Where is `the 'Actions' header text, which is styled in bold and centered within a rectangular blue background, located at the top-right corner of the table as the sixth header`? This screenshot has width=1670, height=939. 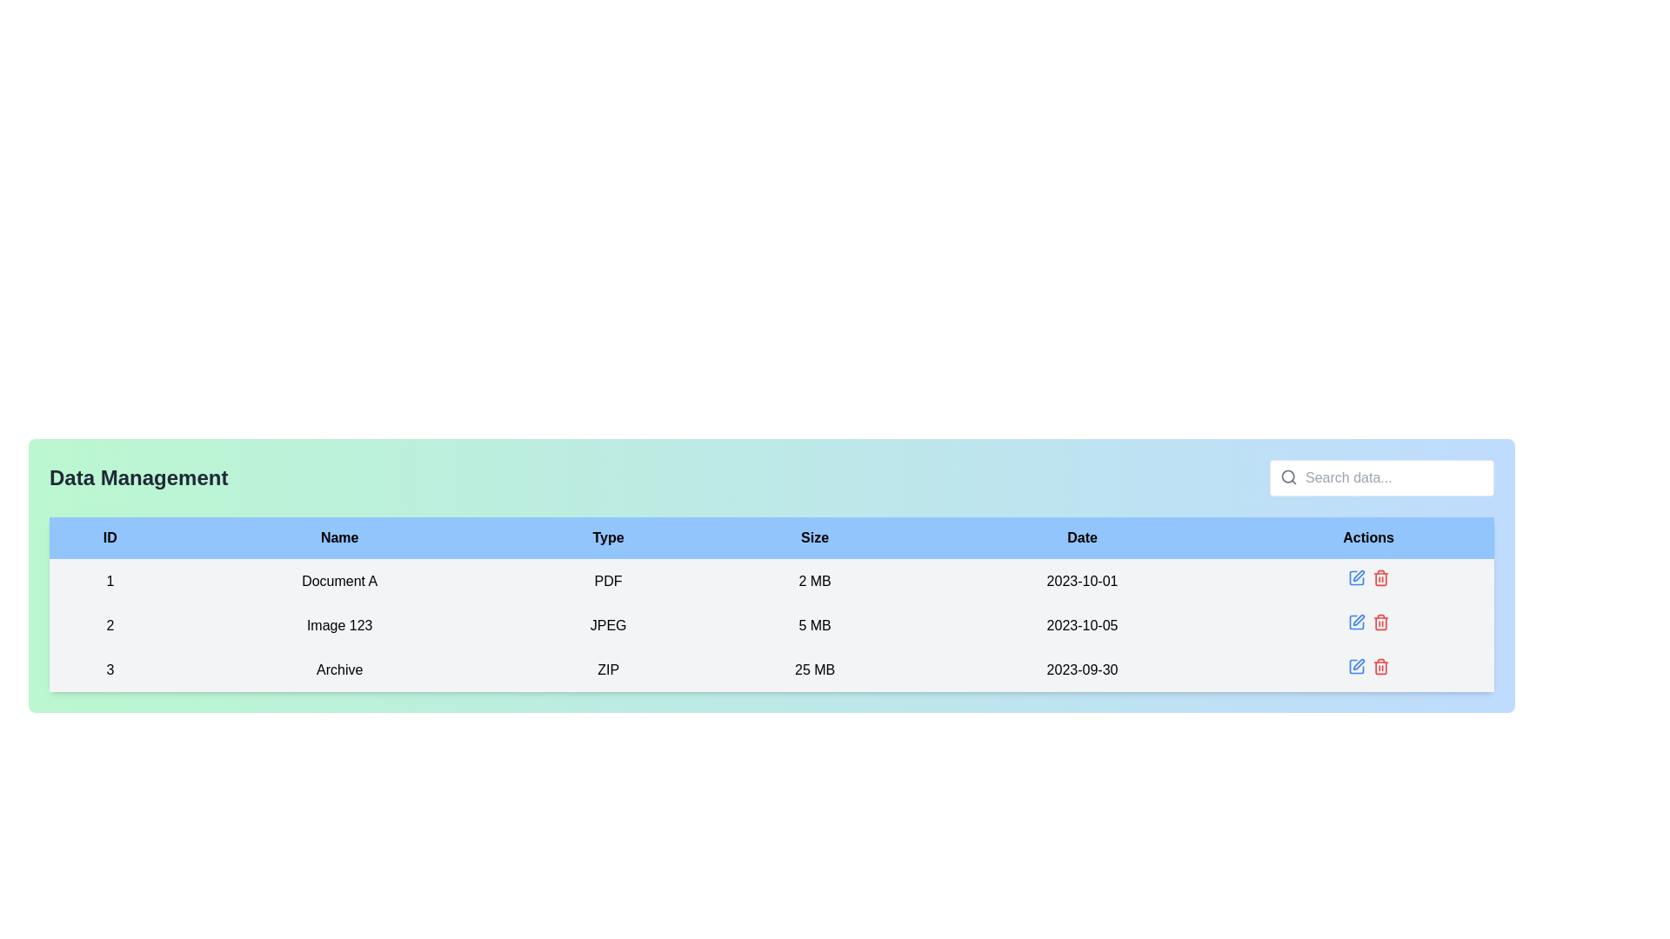 the 'Actions' header text, which is styled in bold and centered within a rectangular blue background, located at the top-right corner of the table as the sixth header is located at coordinates (1367, 536).